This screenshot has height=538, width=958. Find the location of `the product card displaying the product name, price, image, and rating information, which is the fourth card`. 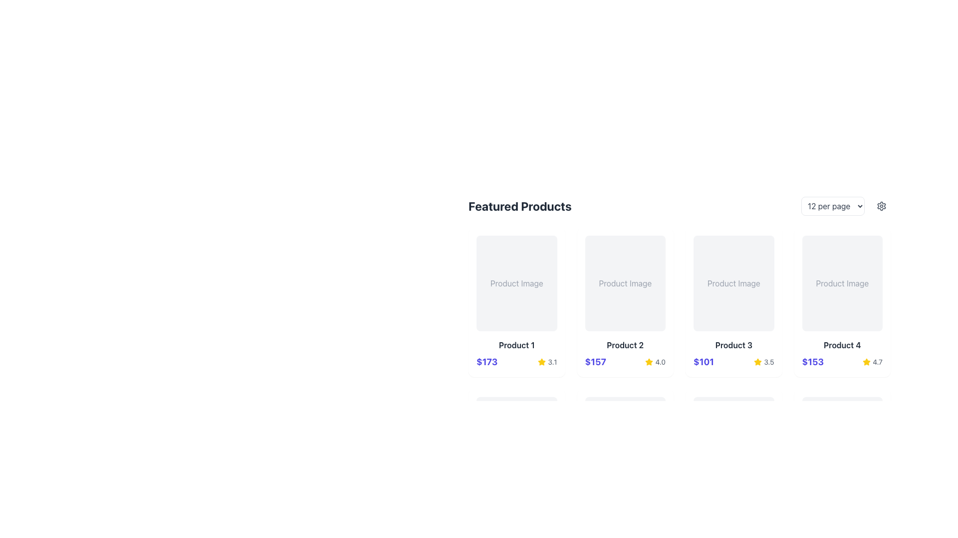

the product card displaying the product name, price, image, and rating information, which is the fourth card is located at coordinates (842, 301).